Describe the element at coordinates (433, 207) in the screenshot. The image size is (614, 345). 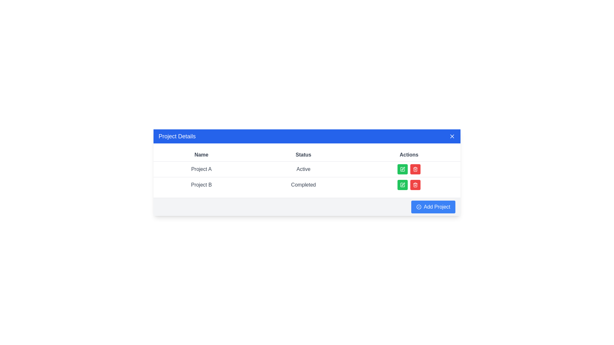
I see `the blue rectangular button with rounded corners labeled 'Add Project' located at the bottom-right of the footer section` at that location.